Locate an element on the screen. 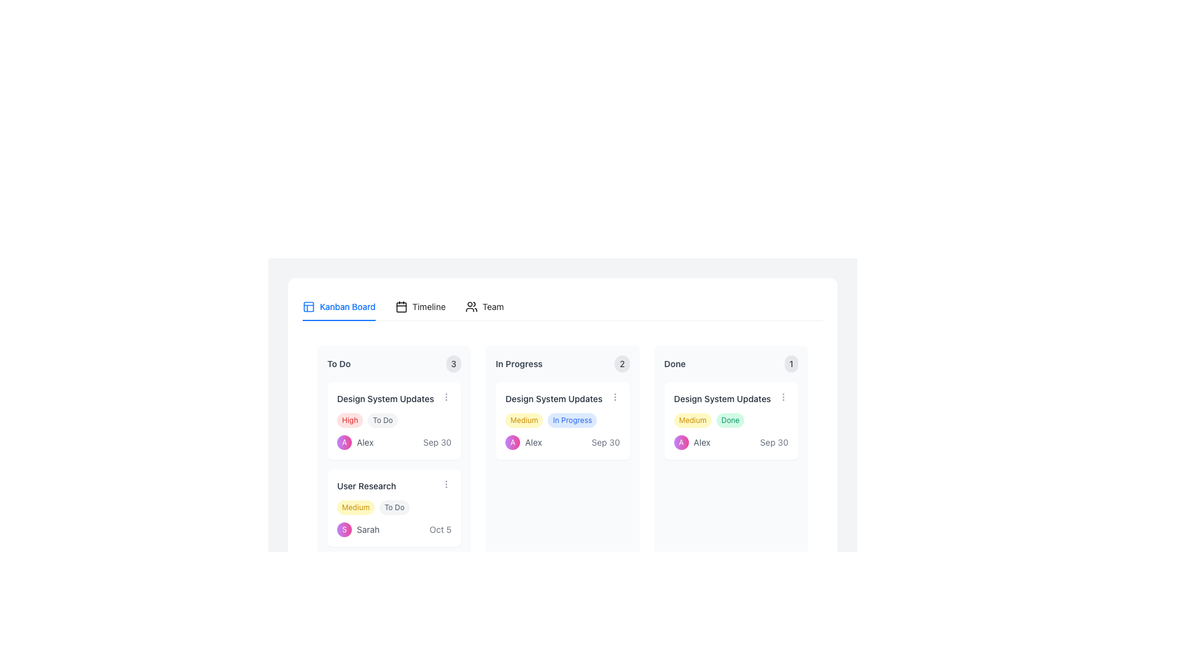 The height and width of the screenshot is (663, 1179). the 'Design System Updates' text label in the 'In Progress' column of the Kanban board is located at coordinates (553, 399).